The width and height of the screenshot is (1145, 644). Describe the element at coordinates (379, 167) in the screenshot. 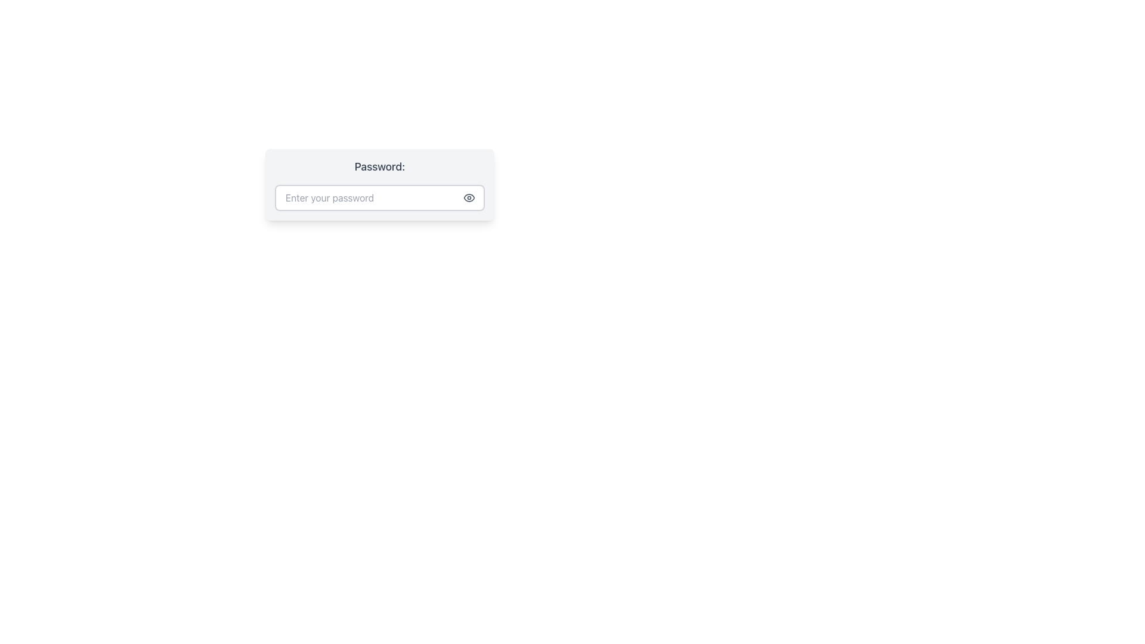

I see `the static text label that serves as a label for the password input field located directly above it` at that location.